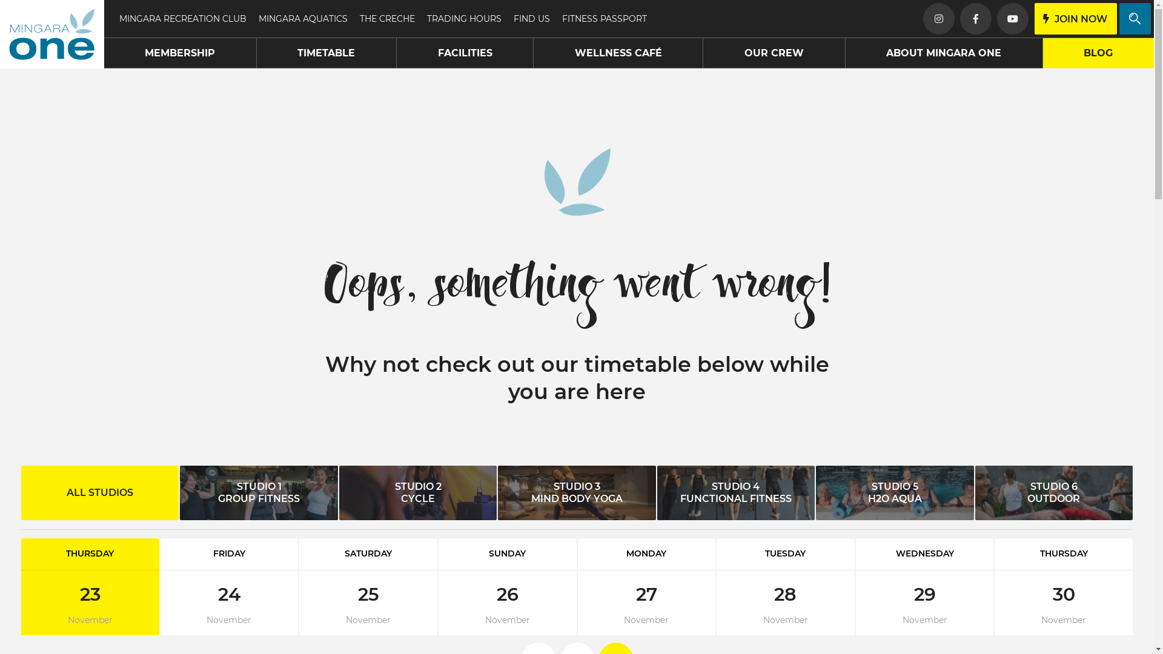 Image resolution: width=1163 pixels, height=654 pixels. Describe the element at coordinates (230, 586) in the screenshot. I see `'FRIDAY` at that location.